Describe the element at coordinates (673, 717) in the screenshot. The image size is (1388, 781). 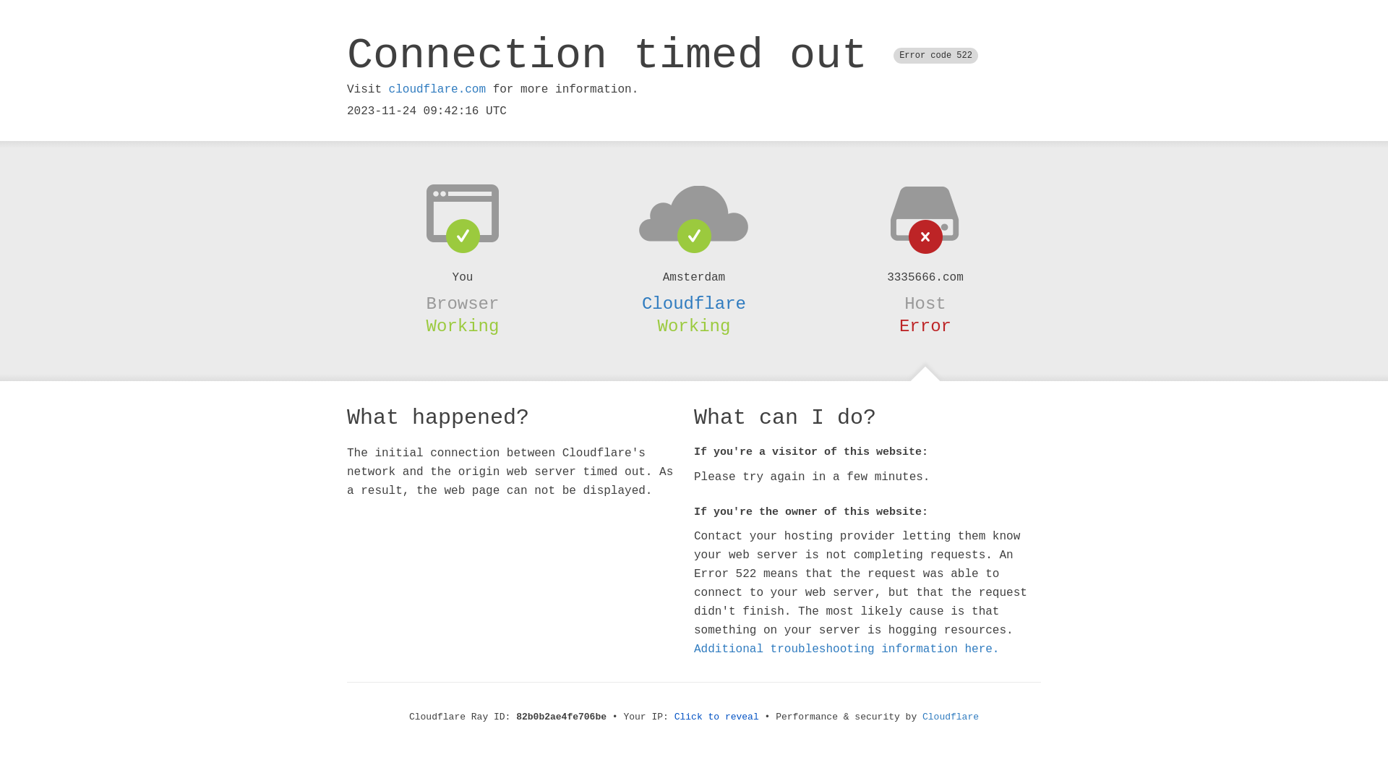
I see `'Click to reveal'` at that location.